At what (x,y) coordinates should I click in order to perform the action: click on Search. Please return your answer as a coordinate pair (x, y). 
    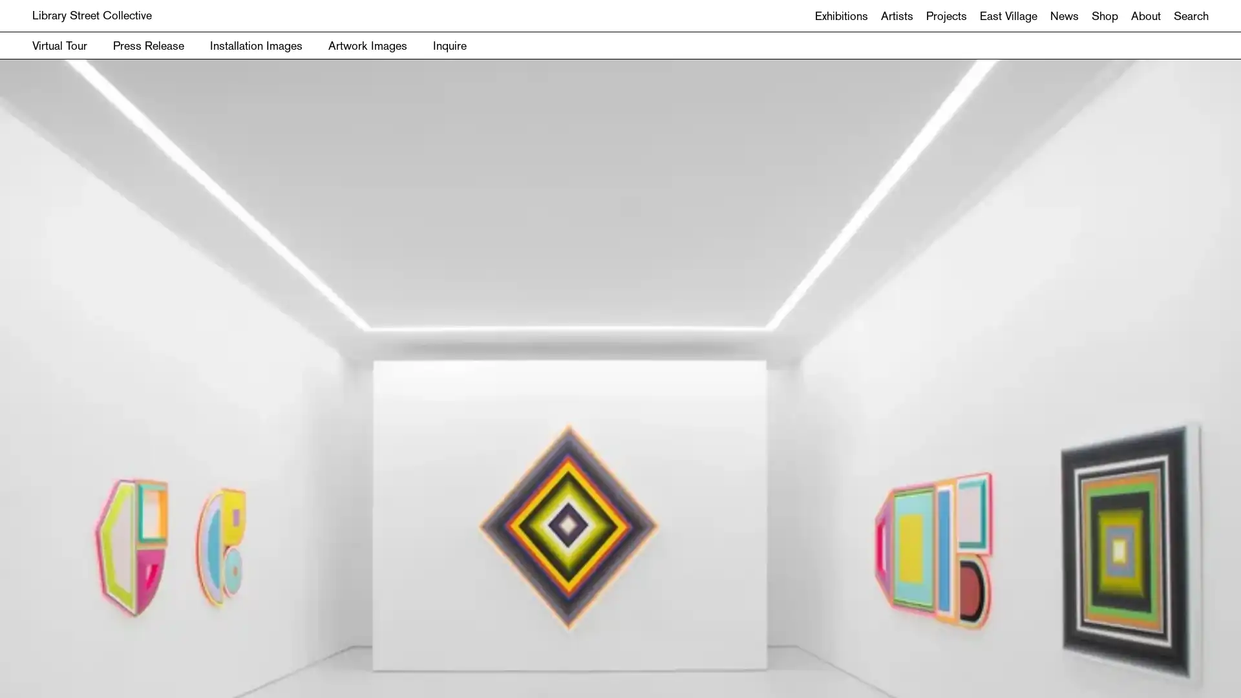
    Looking at the image, I should click on (620, 381).